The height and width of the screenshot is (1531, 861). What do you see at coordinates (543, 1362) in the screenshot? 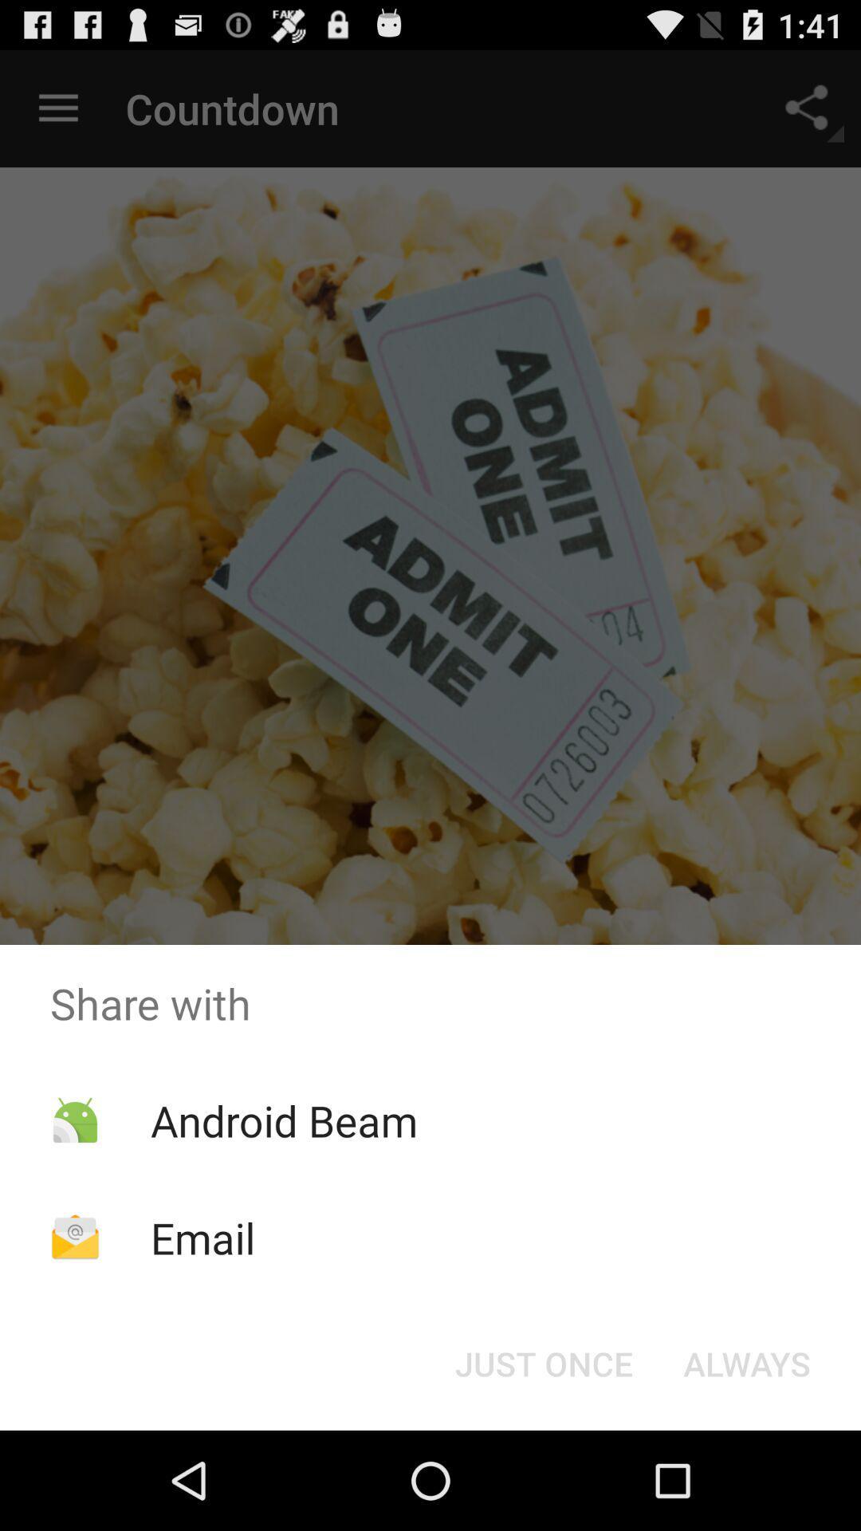
I see `icon below the share with app` at bounding box center [543, 1362].